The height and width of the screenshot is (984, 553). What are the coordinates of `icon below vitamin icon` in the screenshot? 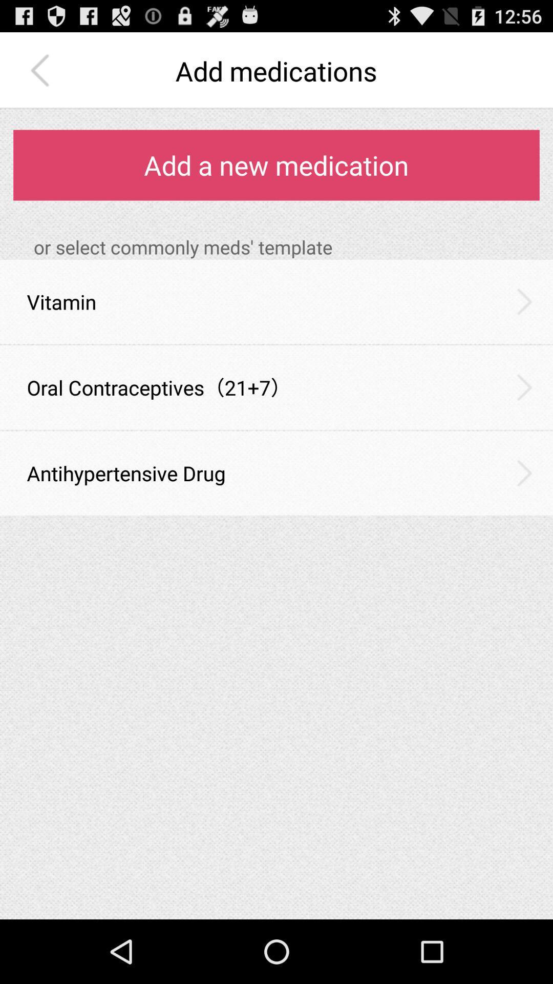 It's located at (276, 344).